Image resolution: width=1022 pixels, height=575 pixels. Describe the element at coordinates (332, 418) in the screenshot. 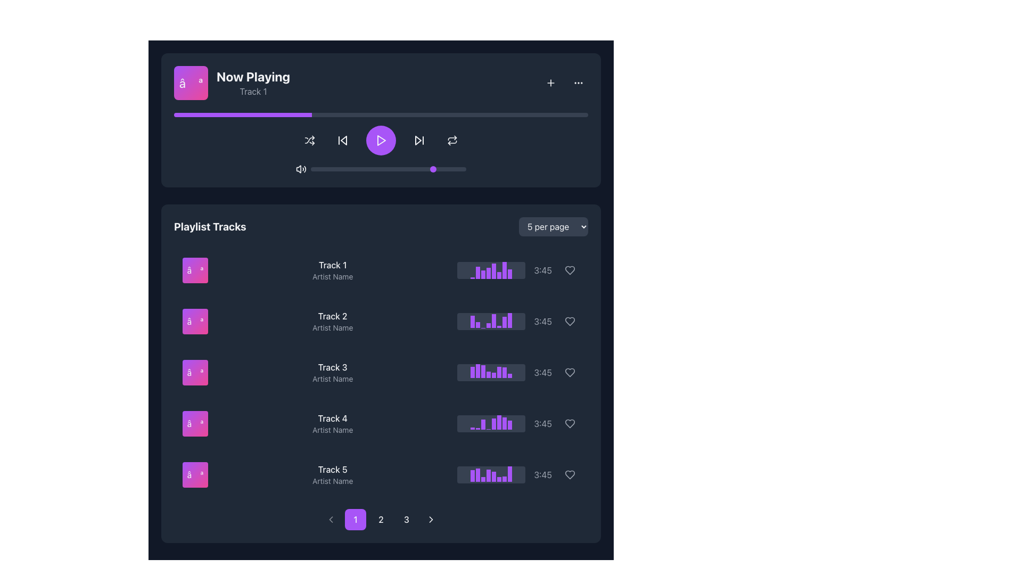

I see `the static text label displaying 'Track 4' in the playlist area, located in the fourth position under the 'Playlist Tracks' header` at that location.